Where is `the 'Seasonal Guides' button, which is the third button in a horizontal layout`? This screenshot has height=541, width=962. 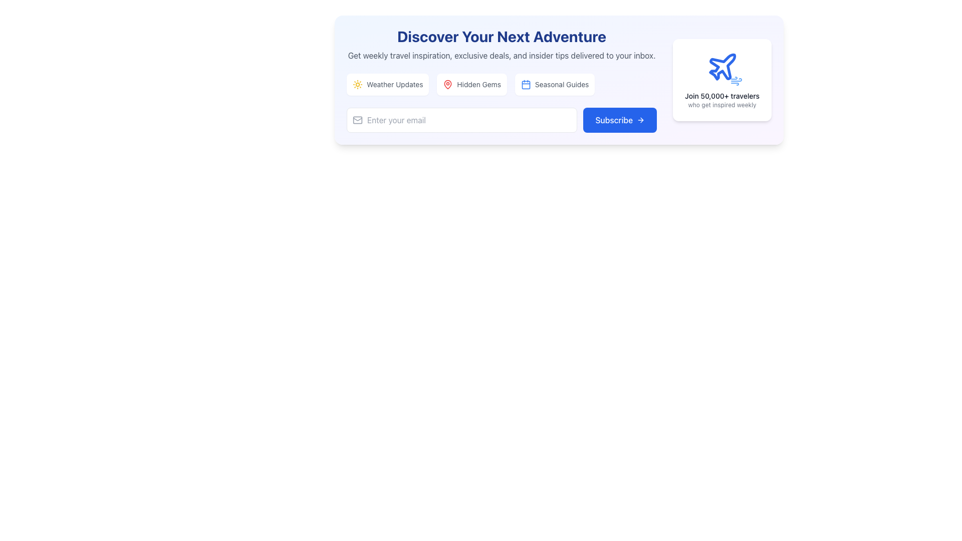
the 'Seasonal Guides' button, which is the third button in a horizontal layout is located at coordinates (554, 84).